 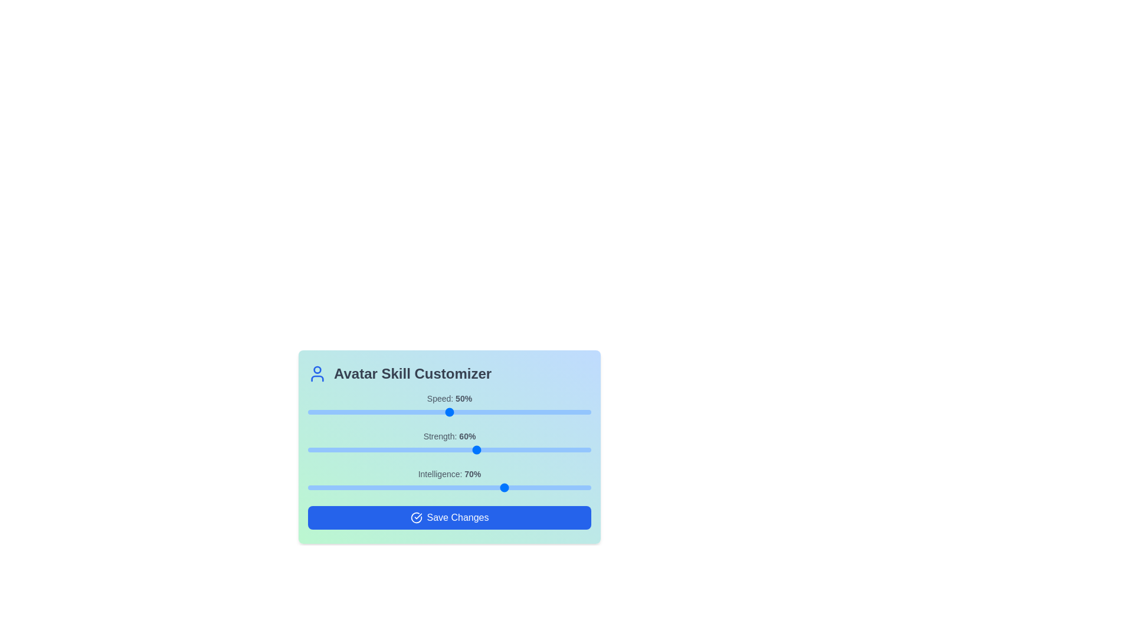 What do you see at coordinates (449, 444) in the screenshot?
I see `the slider handle for the 'Strength' attribute` at bounding box center [449, 444].